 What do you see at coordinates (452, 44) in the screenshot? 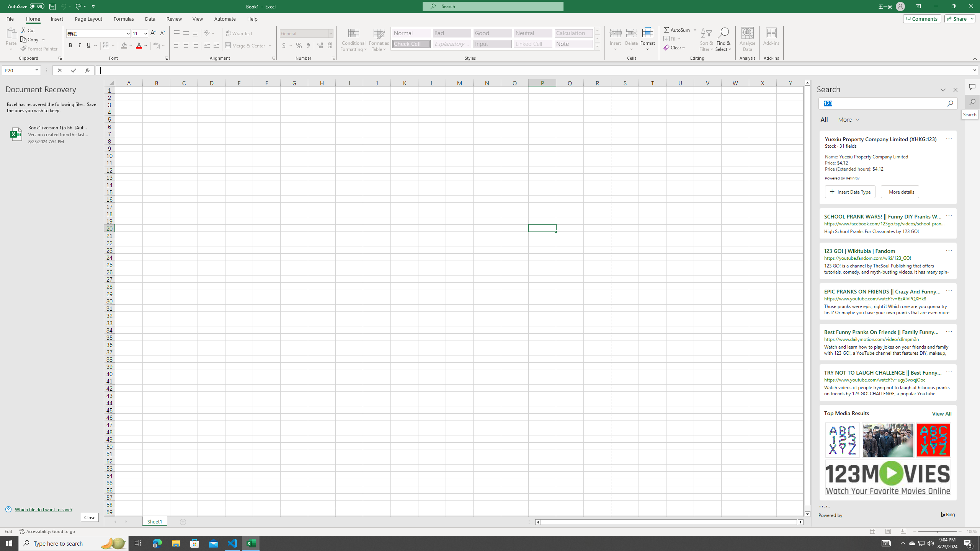
I see `'Explanatory Text'` at bounding box center [452, 44].